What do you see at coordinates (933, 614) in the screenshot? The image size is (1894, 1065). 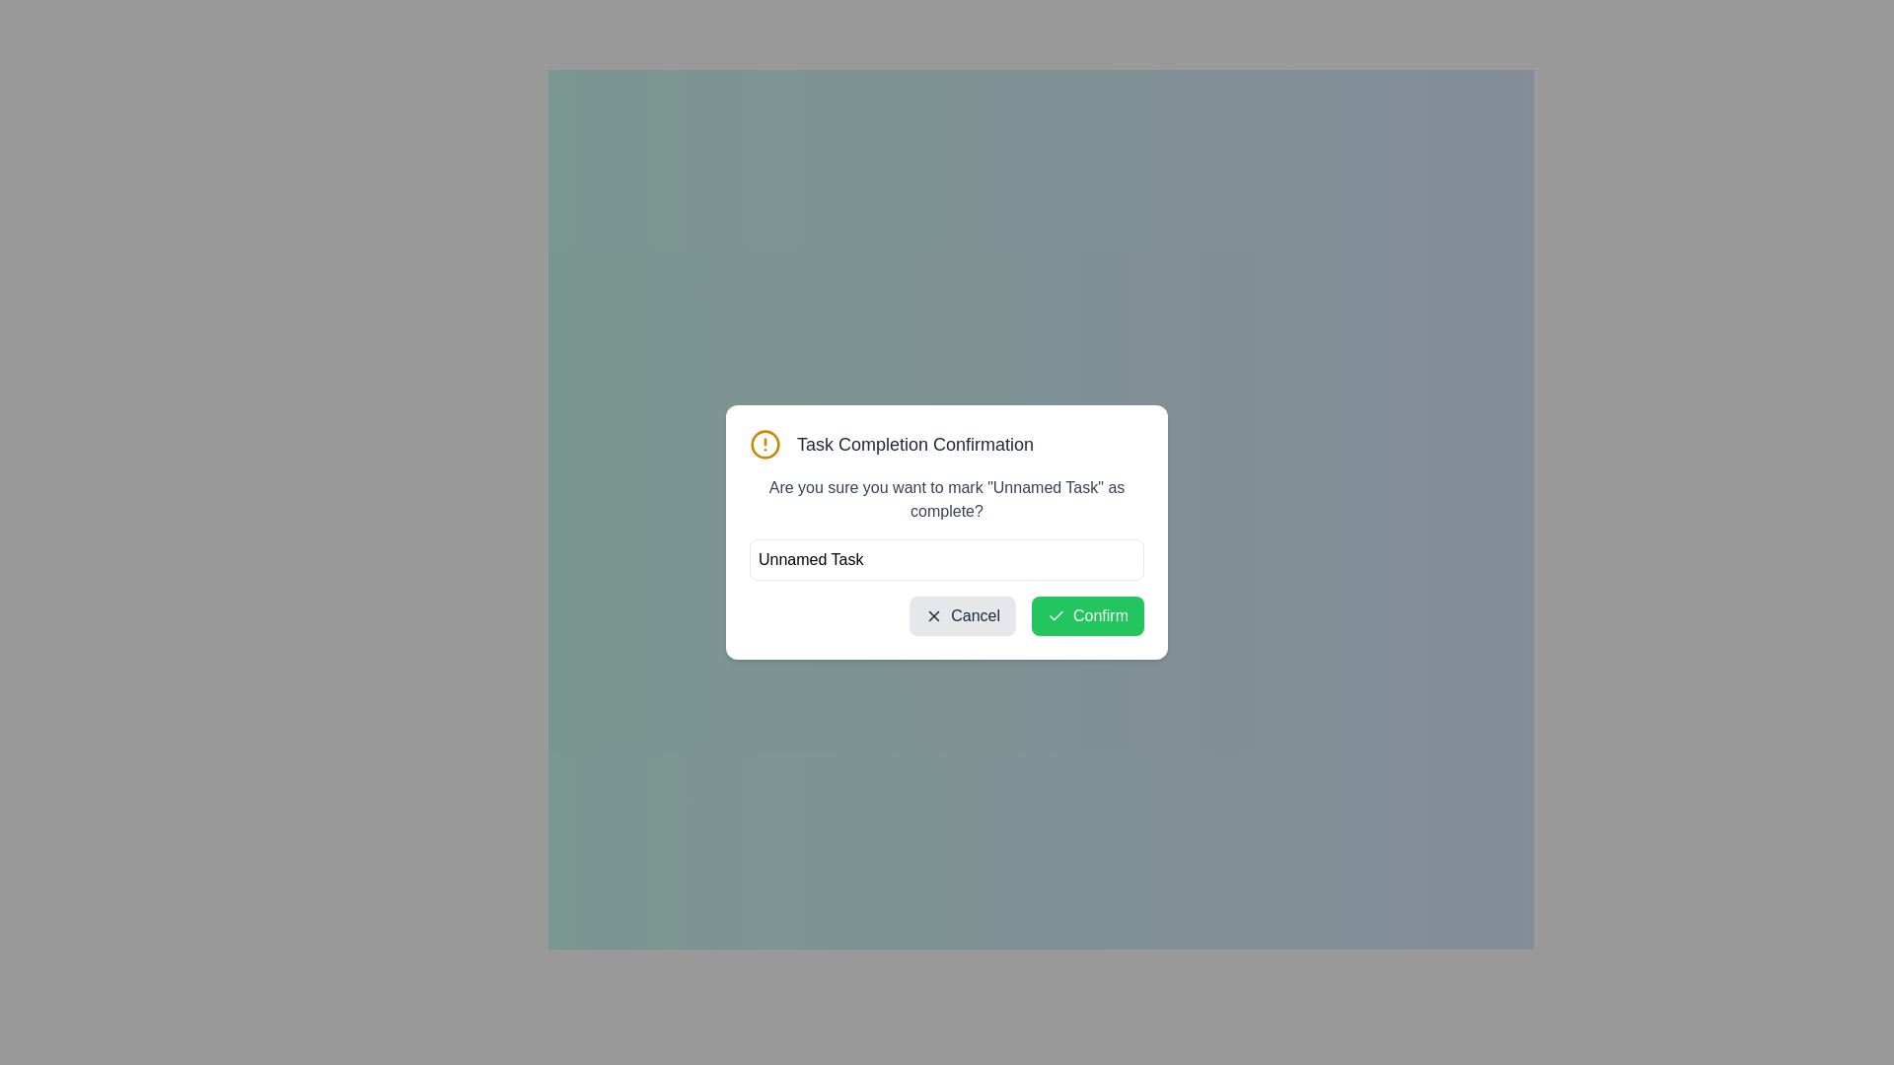 I see `the 'X' icon within the 'Cancel' button on the confirmation dialog, which has a grey background and rounded corners` at bounding box center [933, 614].